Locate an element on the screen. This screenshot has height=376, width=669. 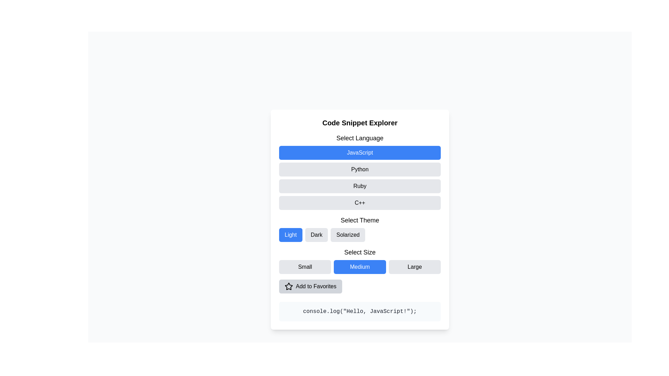
the 'Light' theme selection button, which is the first button in the 'Select Theme' group is located at coordinates (291, 235).